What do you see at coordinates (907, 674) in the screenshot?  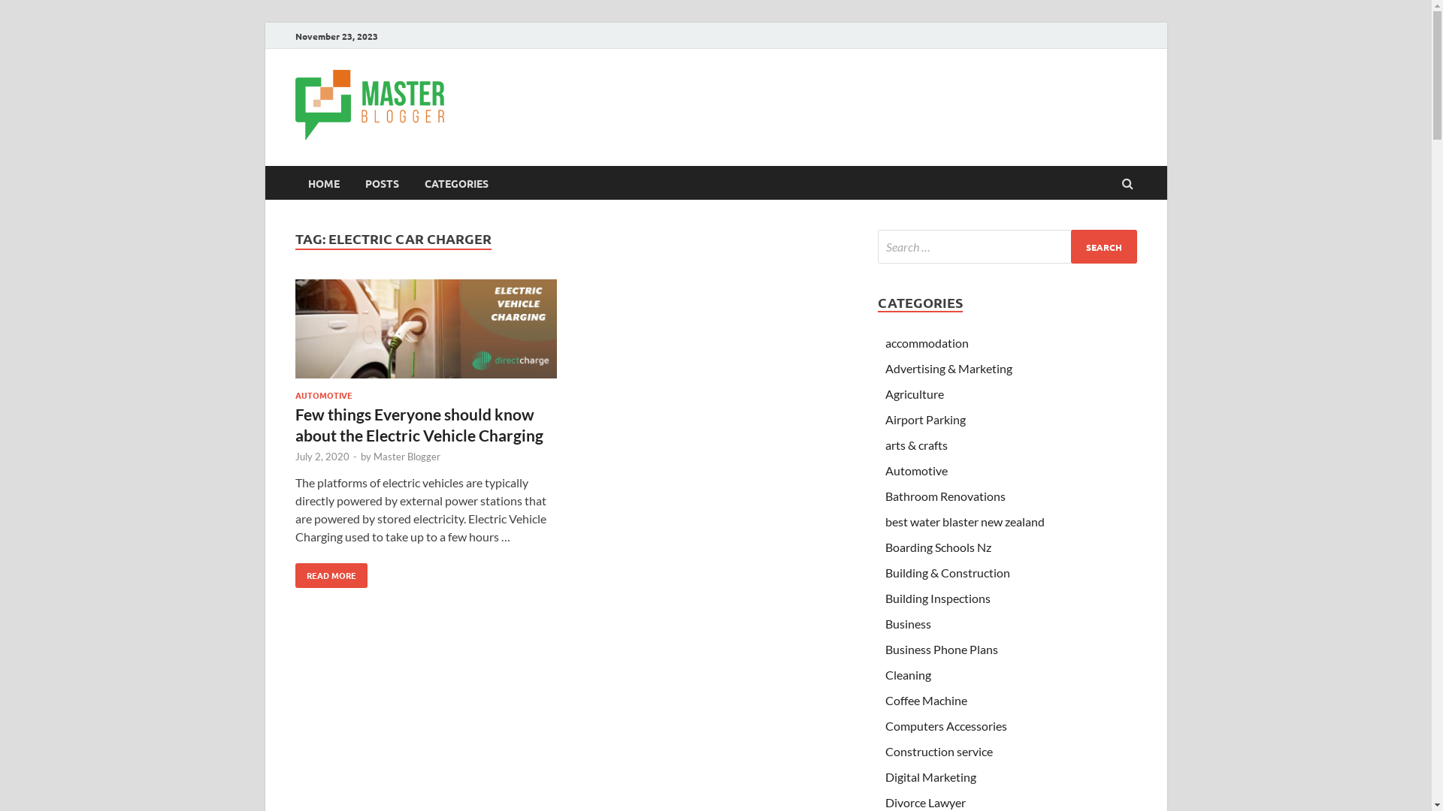 I see `'Cleaning'` at bounding box center [907, 674].